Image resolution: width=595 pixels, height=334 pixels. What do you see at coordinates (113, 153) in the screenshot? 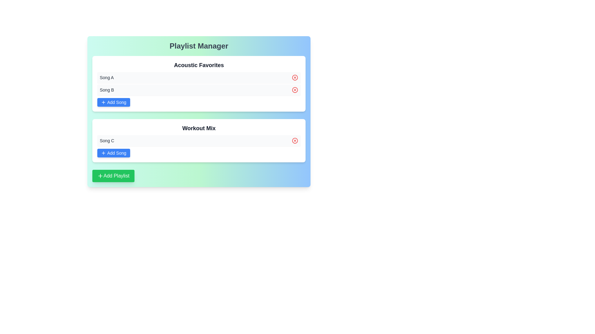
I see `the 'Add Song' button located in the lower section of the 'Workout Mix' card` at bounding box center [113, 153].